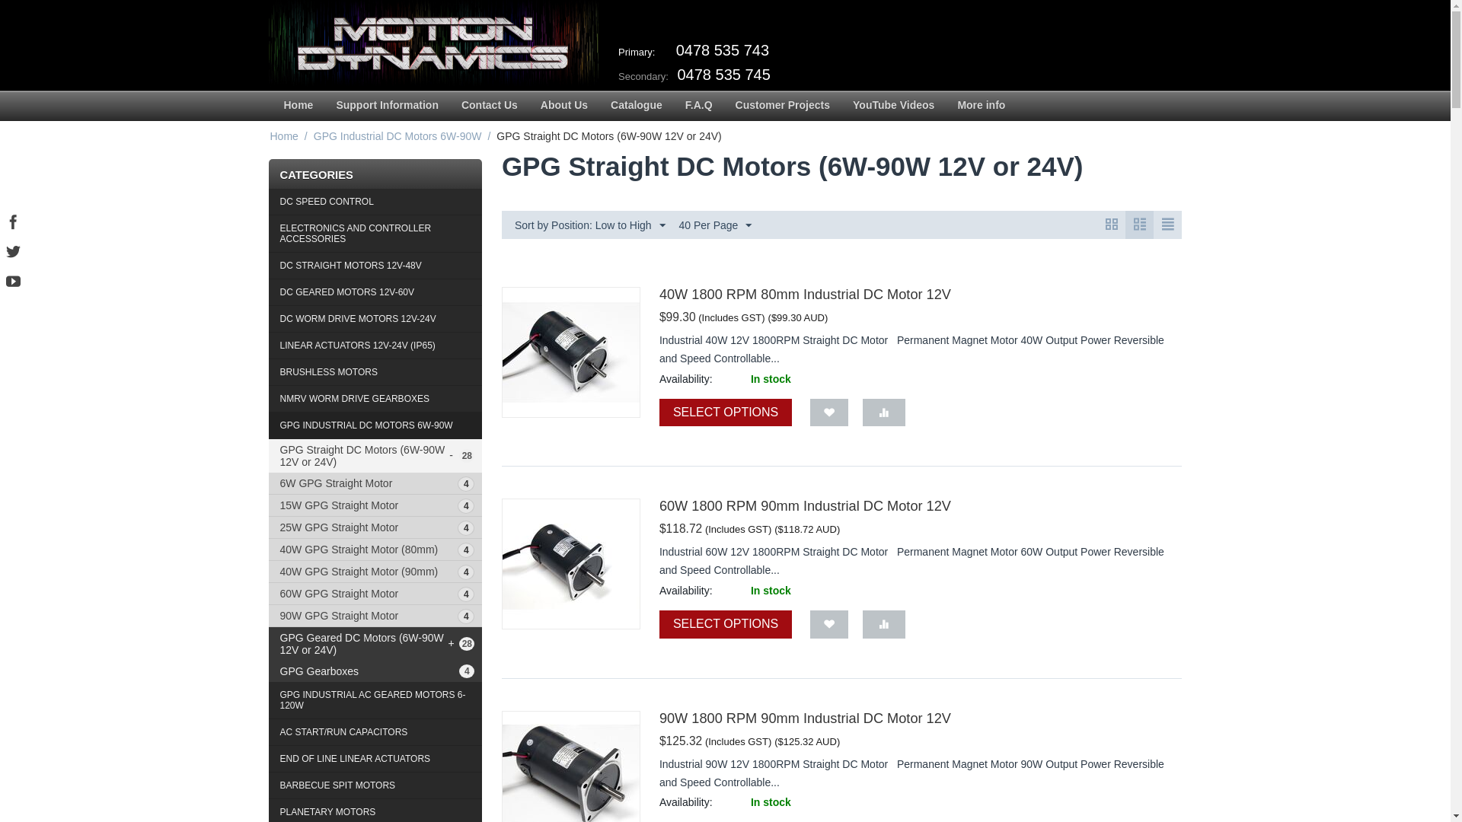 This screenshot has height=822, width=1462. What do you see at coordinates (375, 265) in the screenshot?
I see `'DC STRAIGHT MOTORS 12V-48V'` at bounding box center [375, 265].